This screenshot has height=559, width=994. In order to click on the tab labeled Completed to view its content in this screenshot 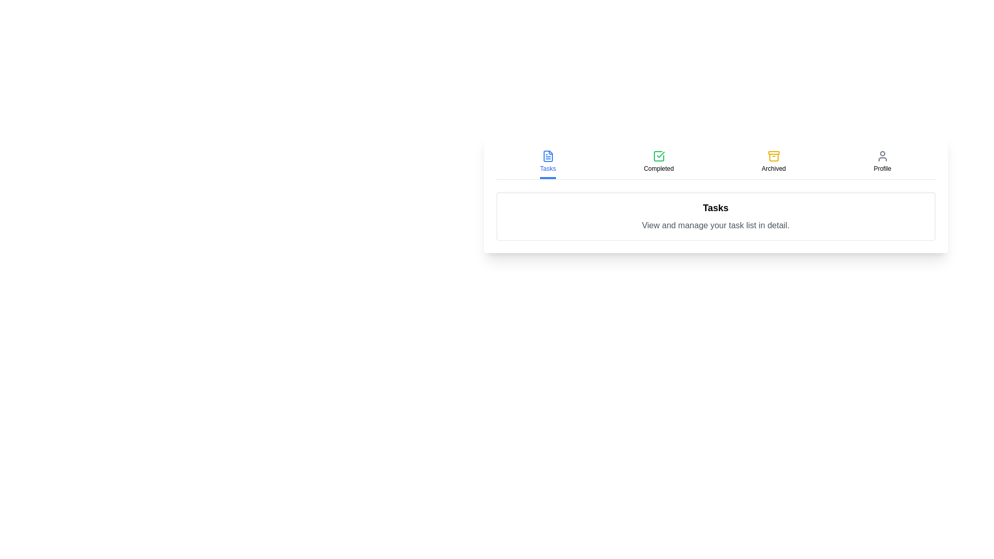, I will do `click(658, 162)`.